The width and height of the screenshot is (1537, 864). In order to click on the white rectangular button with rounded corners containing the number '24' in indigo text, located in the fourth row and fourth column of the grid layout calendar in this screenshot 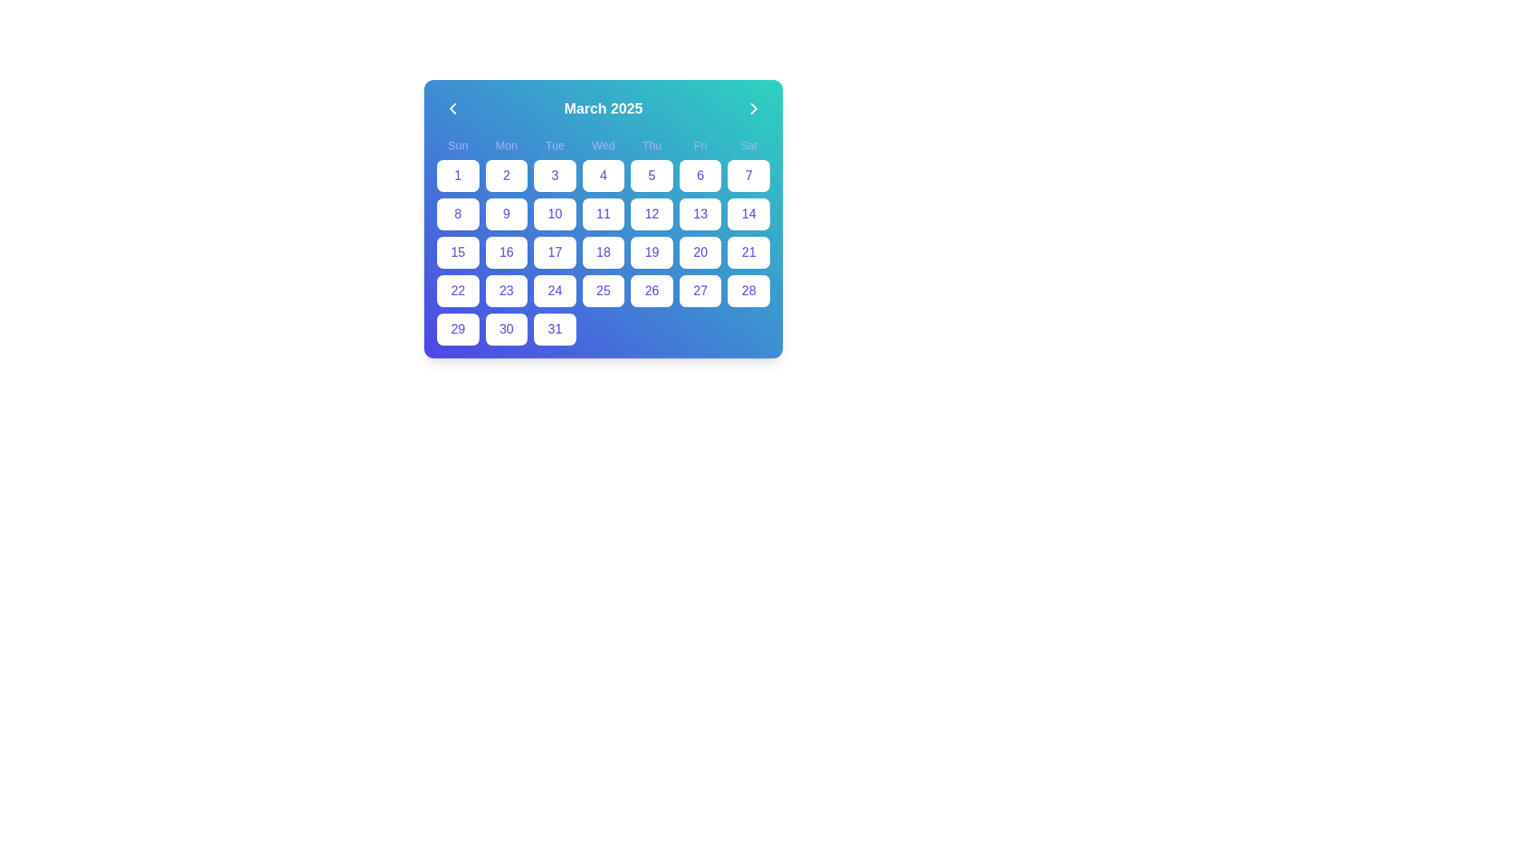, I will do `click(555, 290)`.